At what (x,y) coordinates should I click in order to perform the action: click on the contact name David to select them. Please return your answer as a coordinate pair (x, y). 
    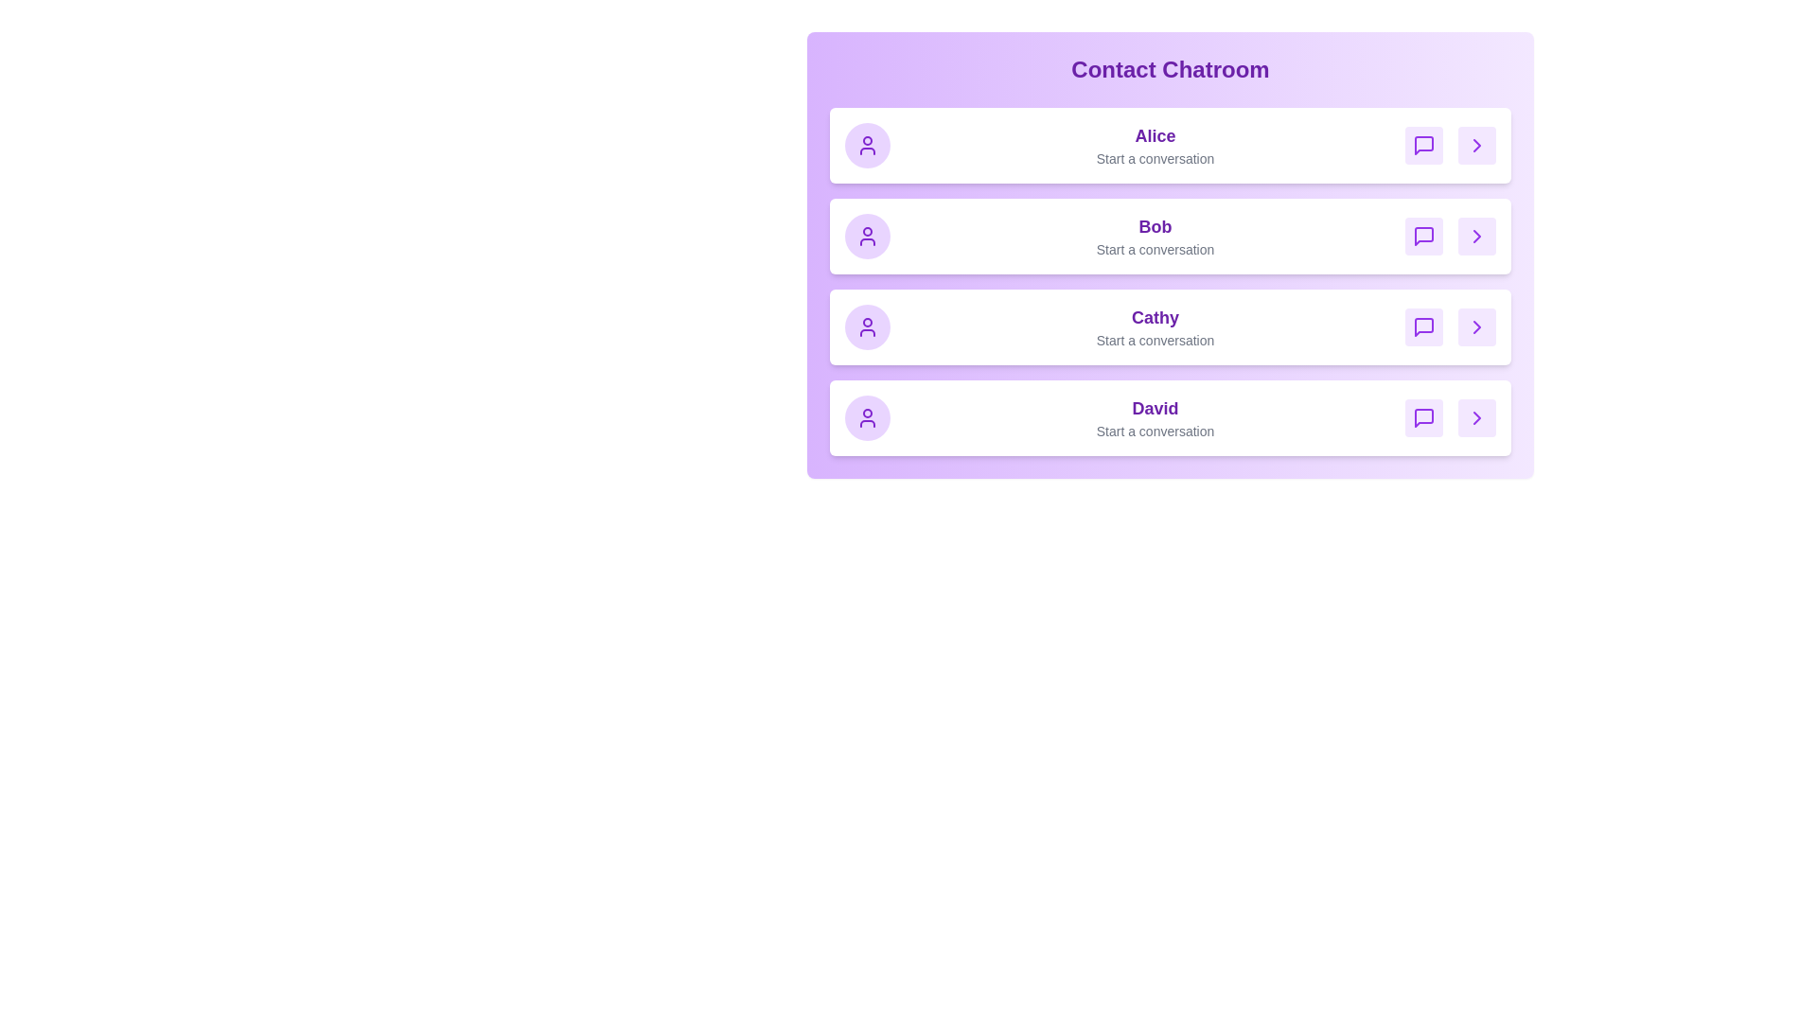
    Looking at the image, I should click on (1154, 408).